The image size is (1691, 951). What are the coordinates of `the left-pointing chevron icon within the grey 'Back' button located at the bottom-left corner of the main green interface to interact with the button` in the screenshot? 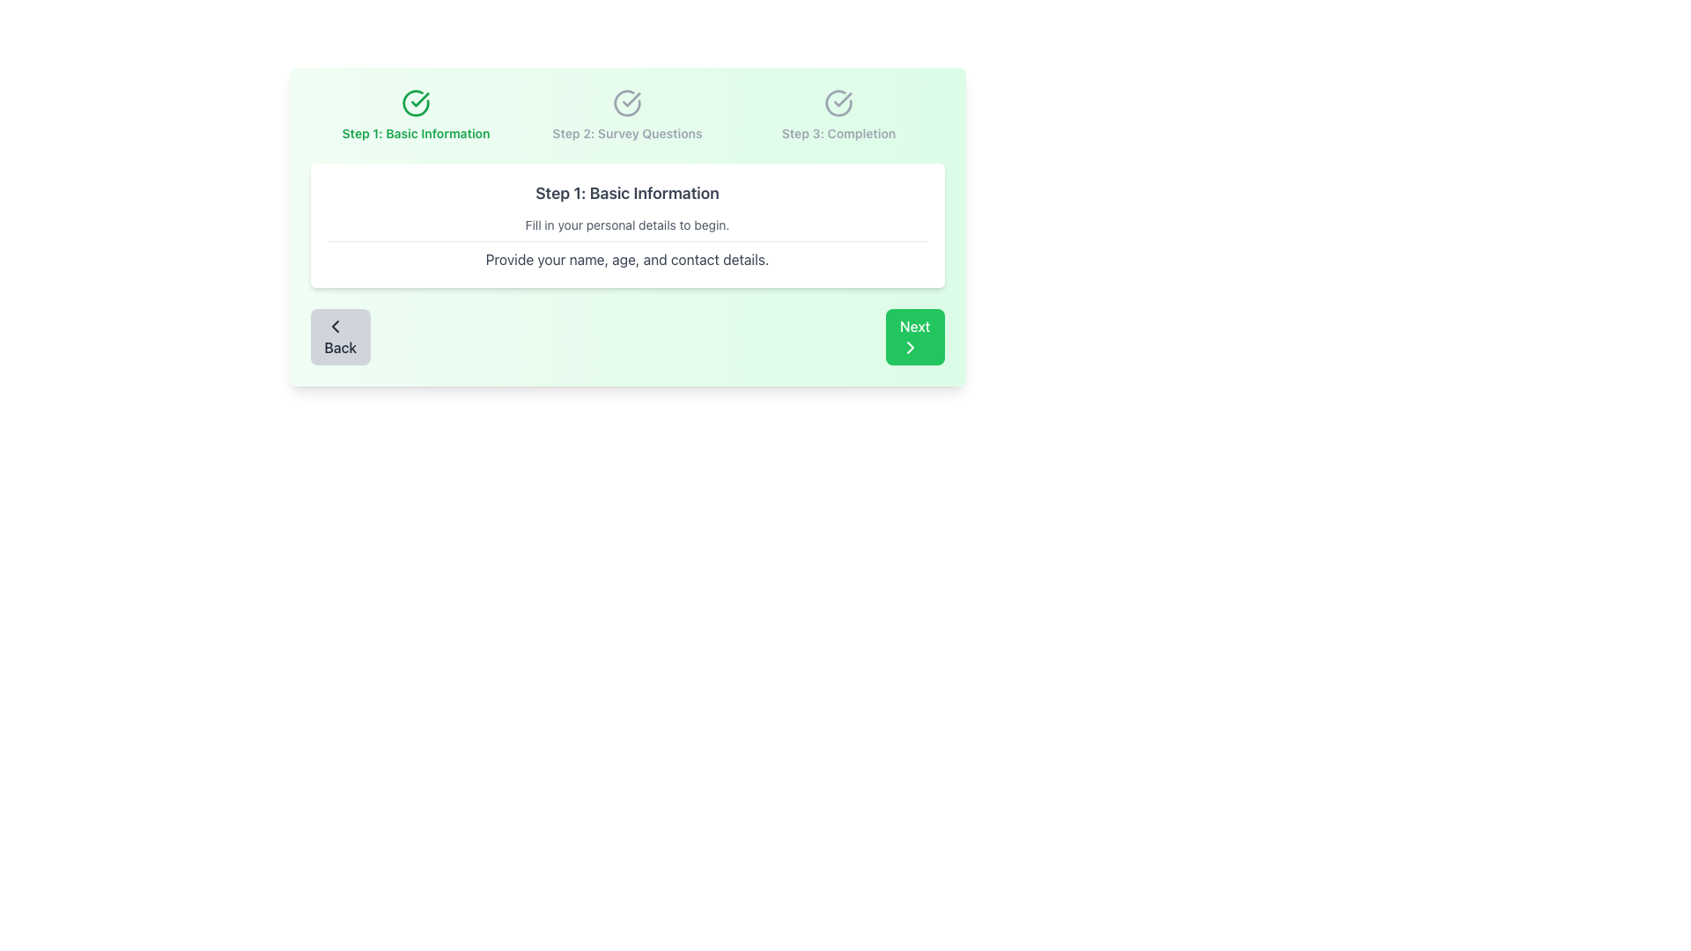 It's located at (335, 326).